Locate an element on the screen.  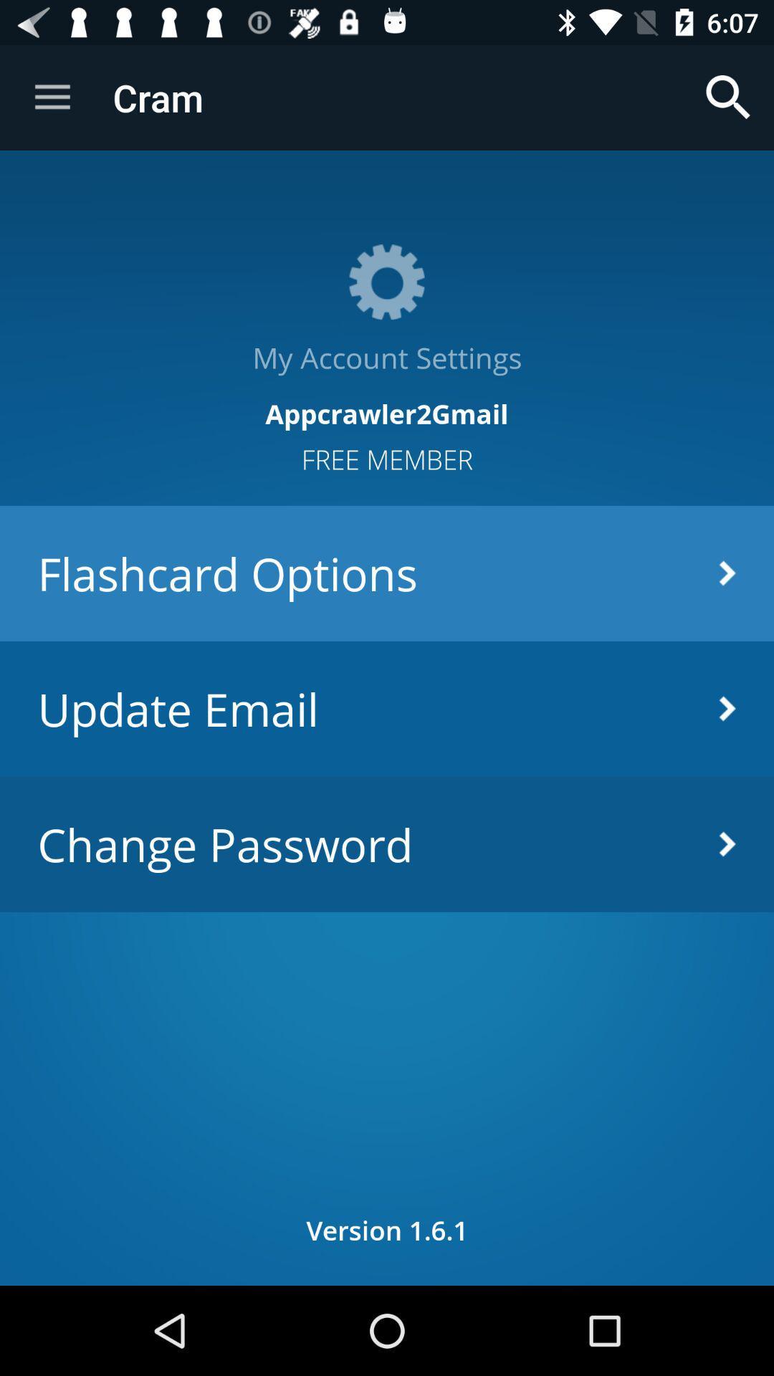
item above the my account settings is located at coordinates (52, 97).